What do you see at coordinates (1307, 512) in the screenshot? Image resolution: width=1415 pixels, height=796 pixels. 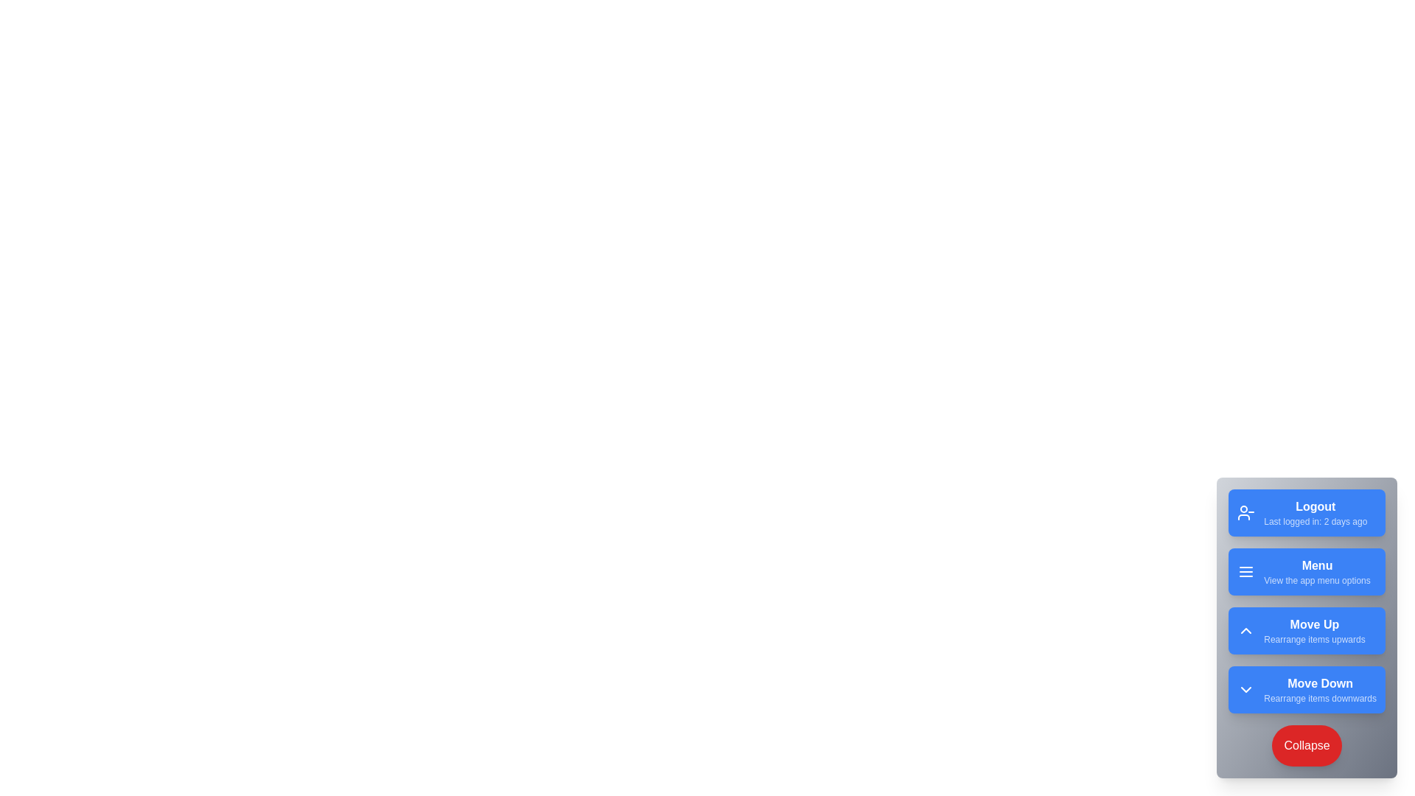 I see `the blue rounded rectangle button labeled 'Logout'` at bounding box center [1307, 512].